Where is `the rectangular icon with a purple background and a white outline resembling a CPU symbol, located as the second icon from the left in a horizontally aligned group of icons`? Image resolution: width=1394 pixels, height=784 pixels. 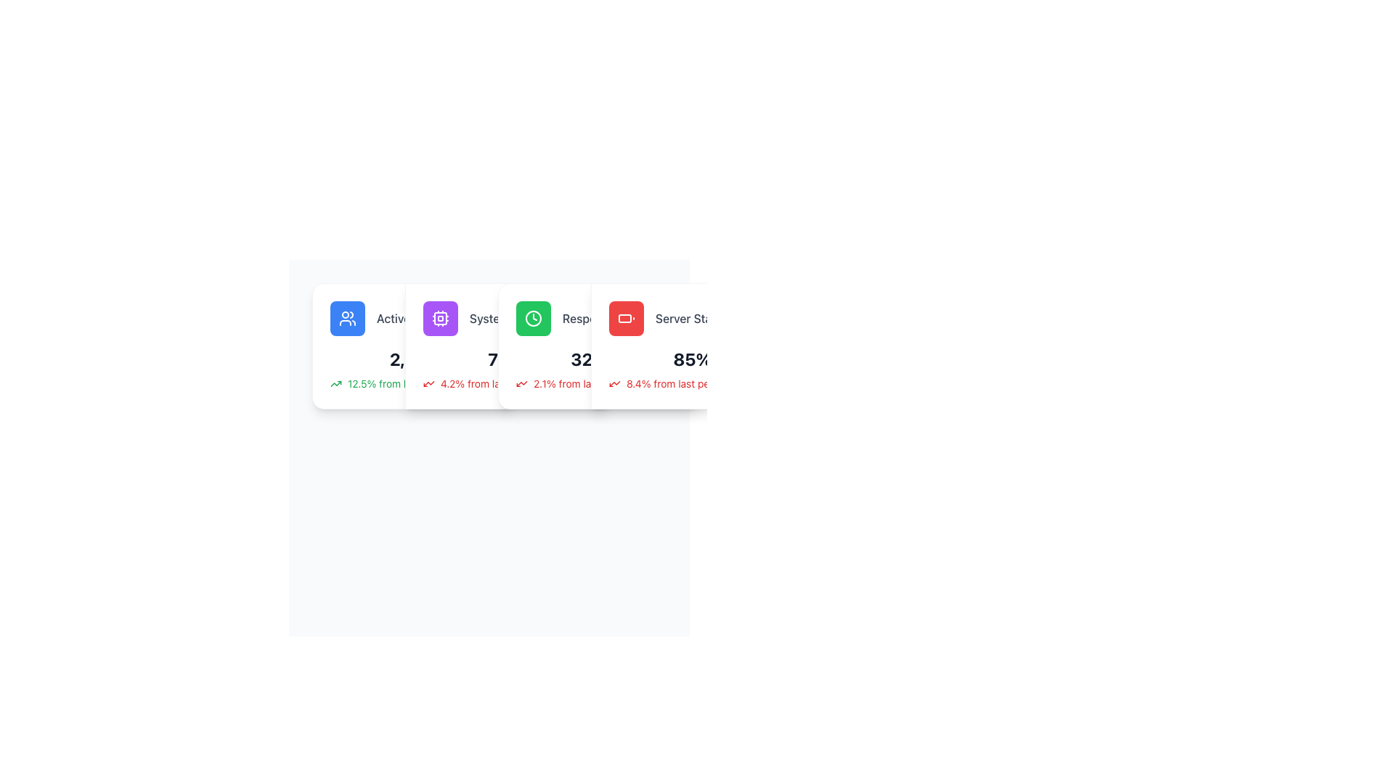
the rectangular icon with a purple background and a white outline resembling a CPU symbol, located as the second icon from the left in a horizontally aligned group of icons is located at coordinates (439, 318).